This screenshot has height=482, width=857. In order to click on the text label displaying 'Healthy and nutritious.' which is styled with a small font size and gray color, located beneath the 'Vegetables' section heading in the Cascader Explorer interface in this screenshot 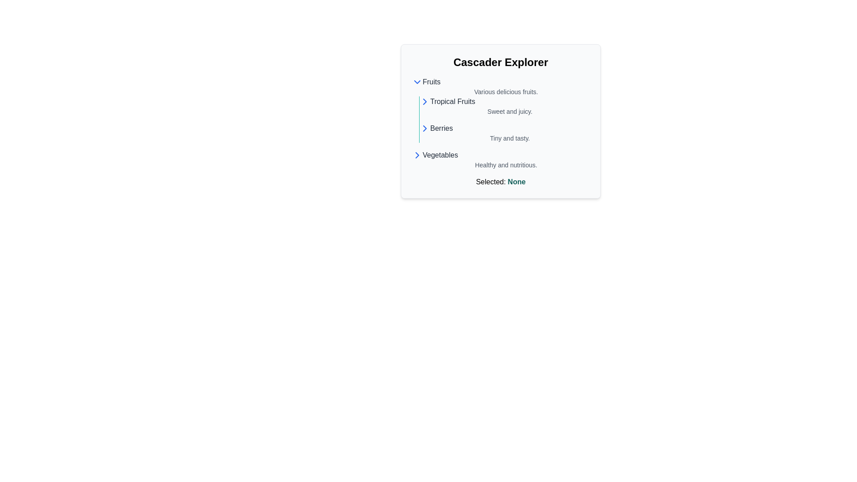, I will do `click(506, 165)`.